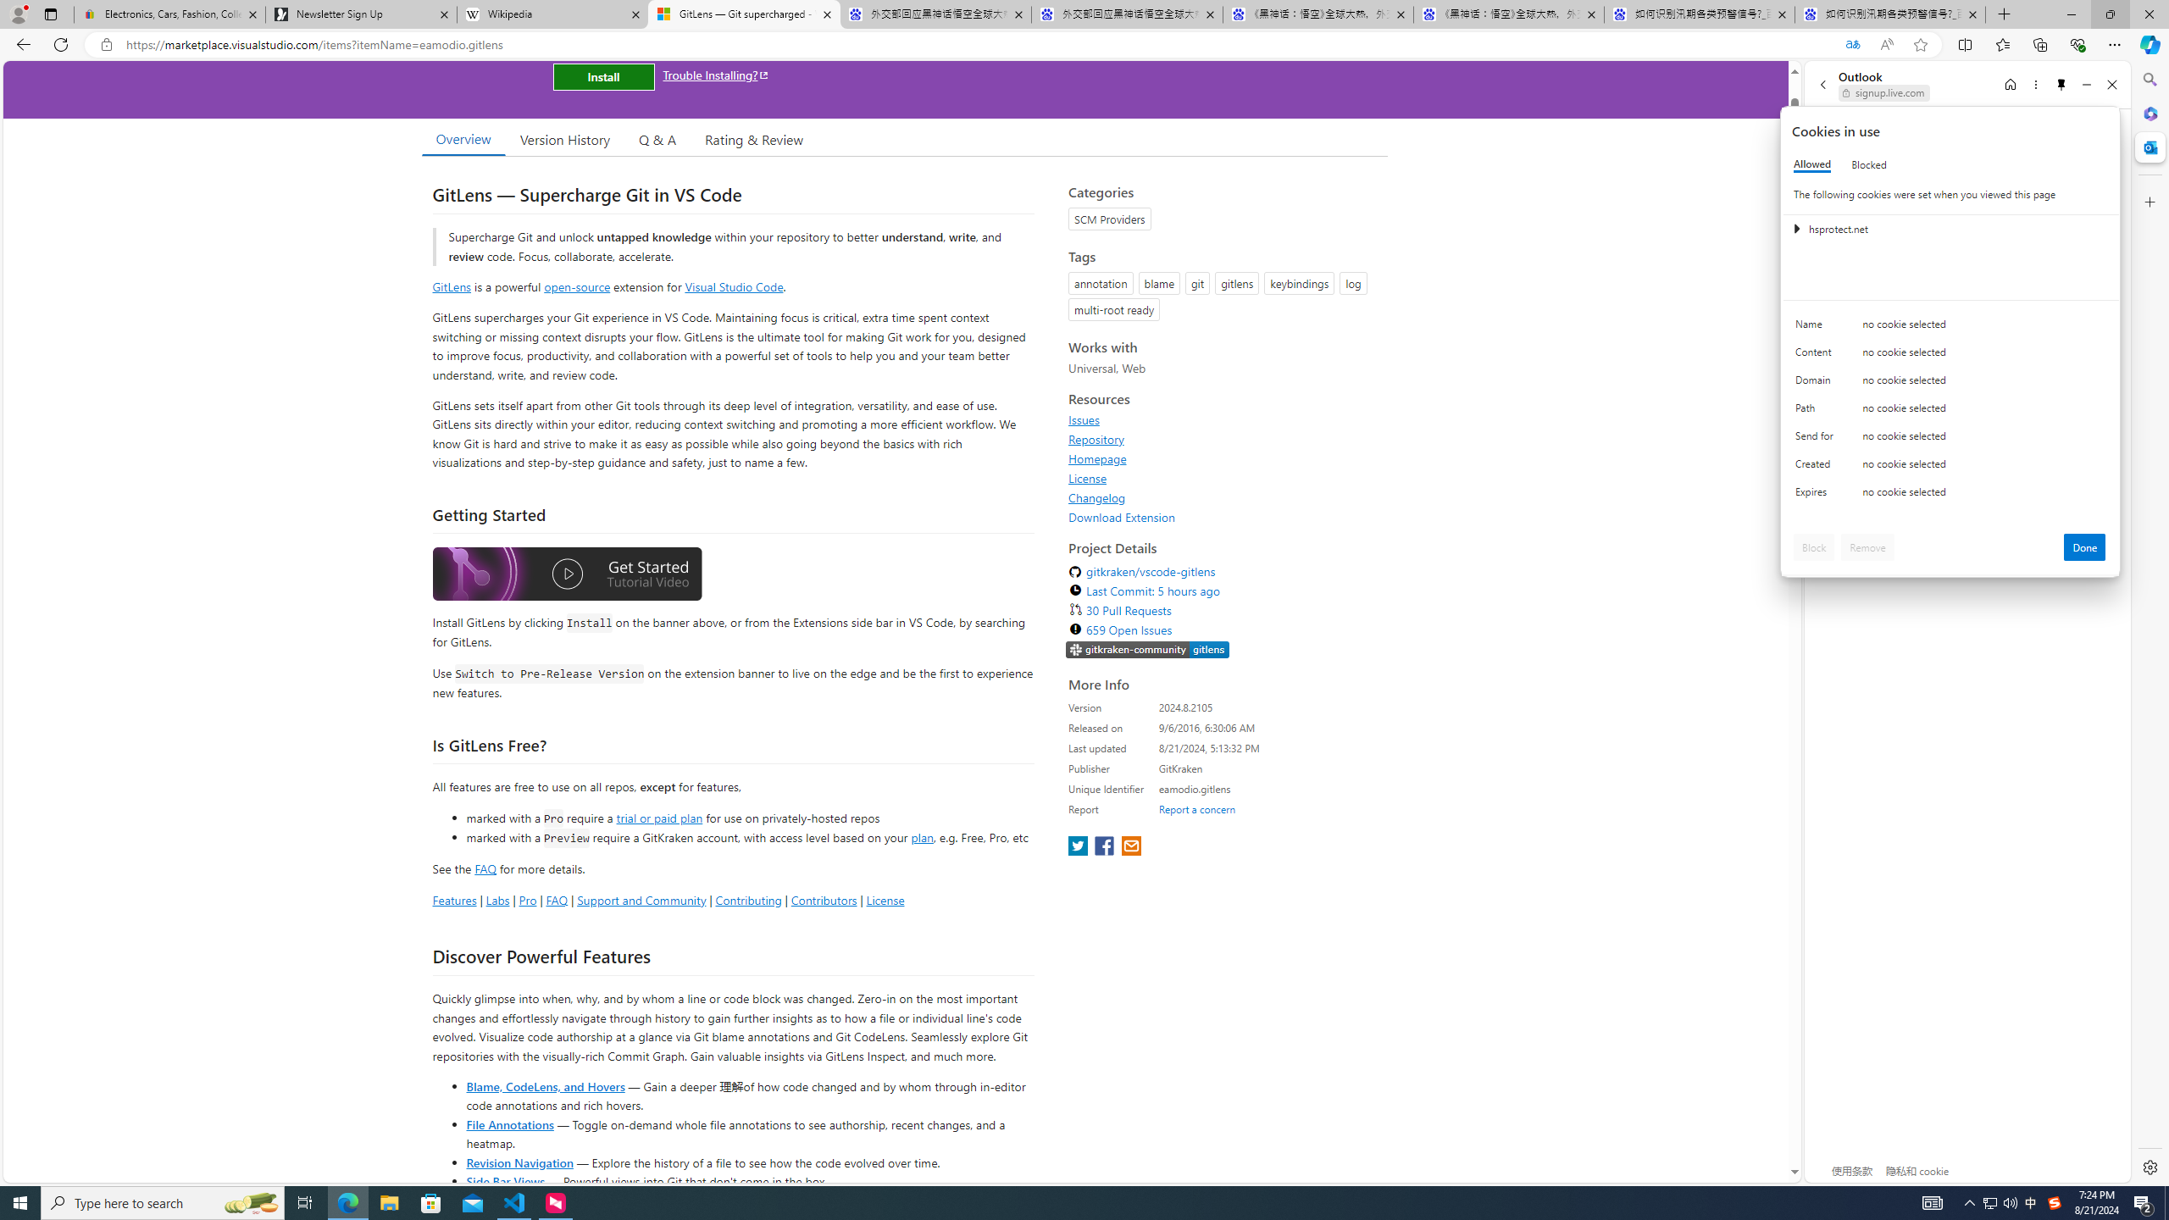 The width and height of the screenshot is (2169, 1220). What do you see at coordinates (1817, 383) in the screenshot?
I see `'Domain'` at bounding box center [1817, 383].